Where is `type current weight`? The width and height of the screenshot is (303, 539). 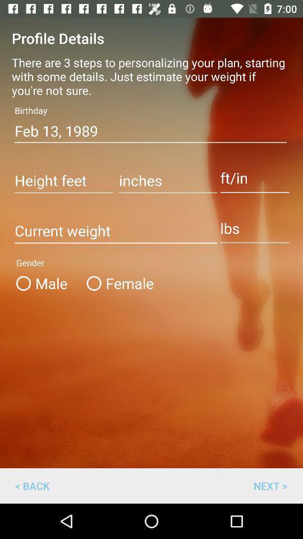 type current weight is located at coordinates (115, 231).